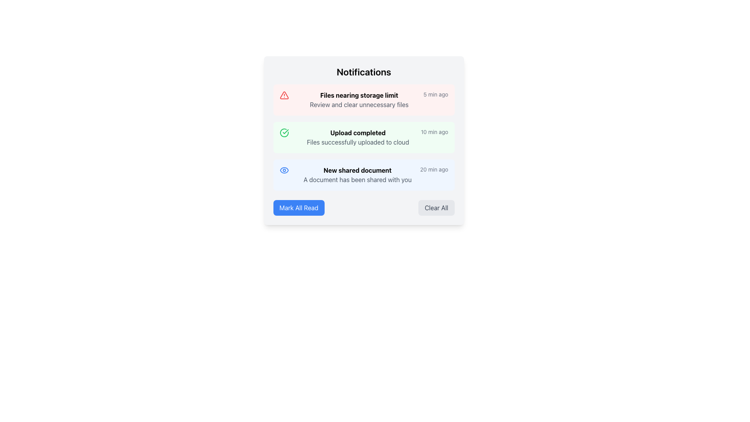  I want to click on the text label displaying '20 min ago' located in the bottom-right region of the notification card for 'New shared document', so click(434, 169).